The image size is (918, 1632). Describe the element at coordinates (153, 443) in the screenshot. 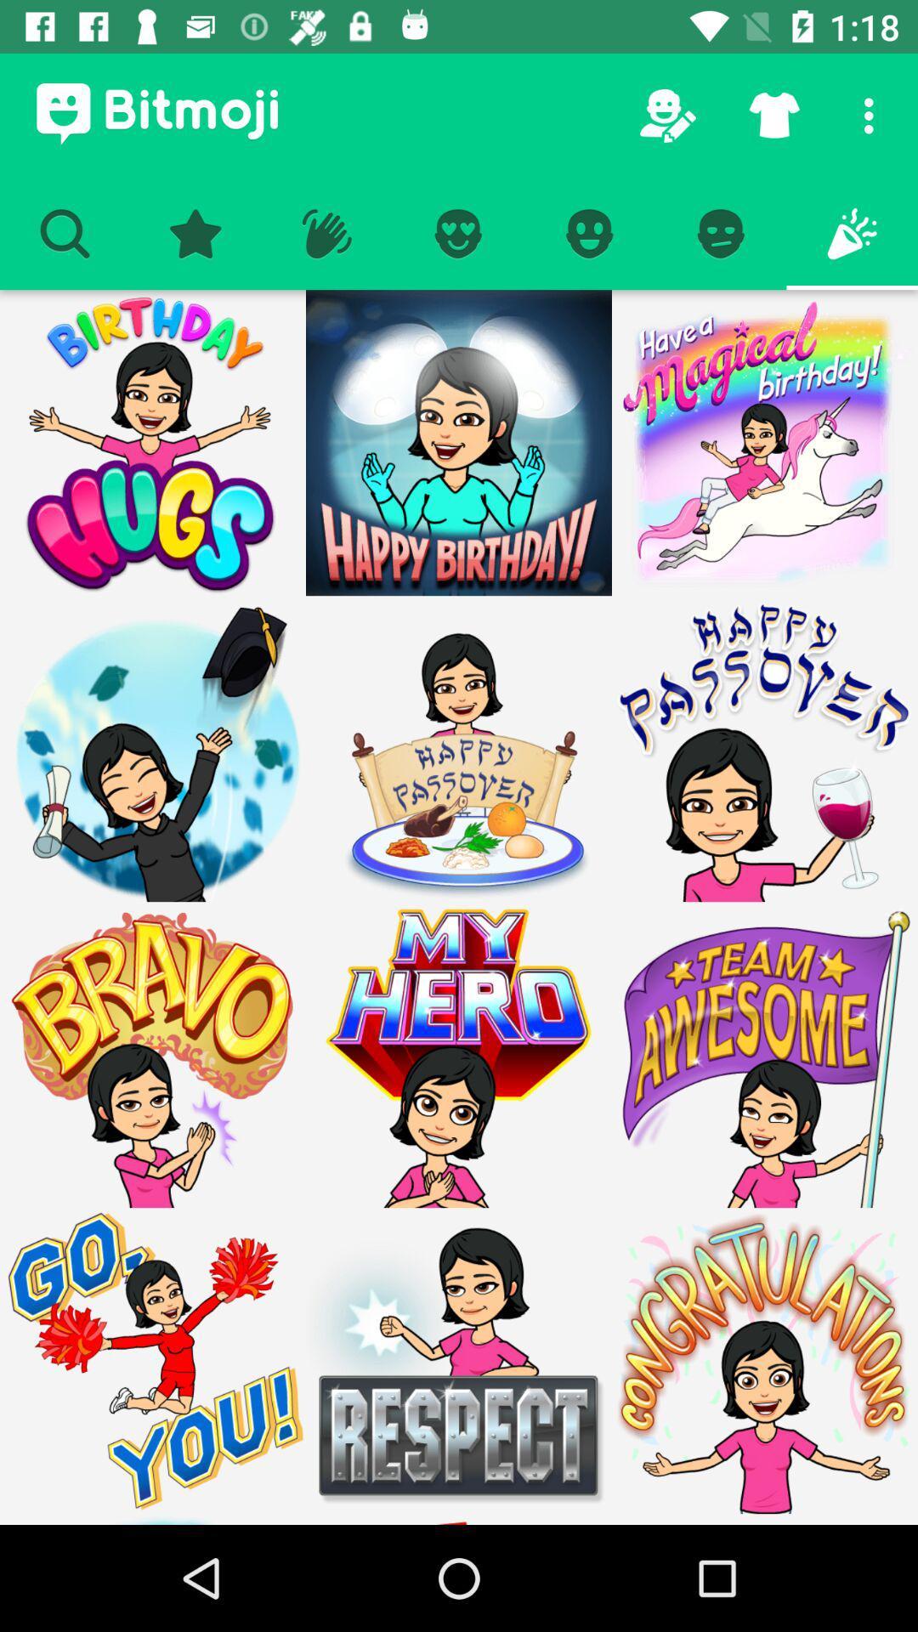

I see `check birthday hugs emoji` at that location.